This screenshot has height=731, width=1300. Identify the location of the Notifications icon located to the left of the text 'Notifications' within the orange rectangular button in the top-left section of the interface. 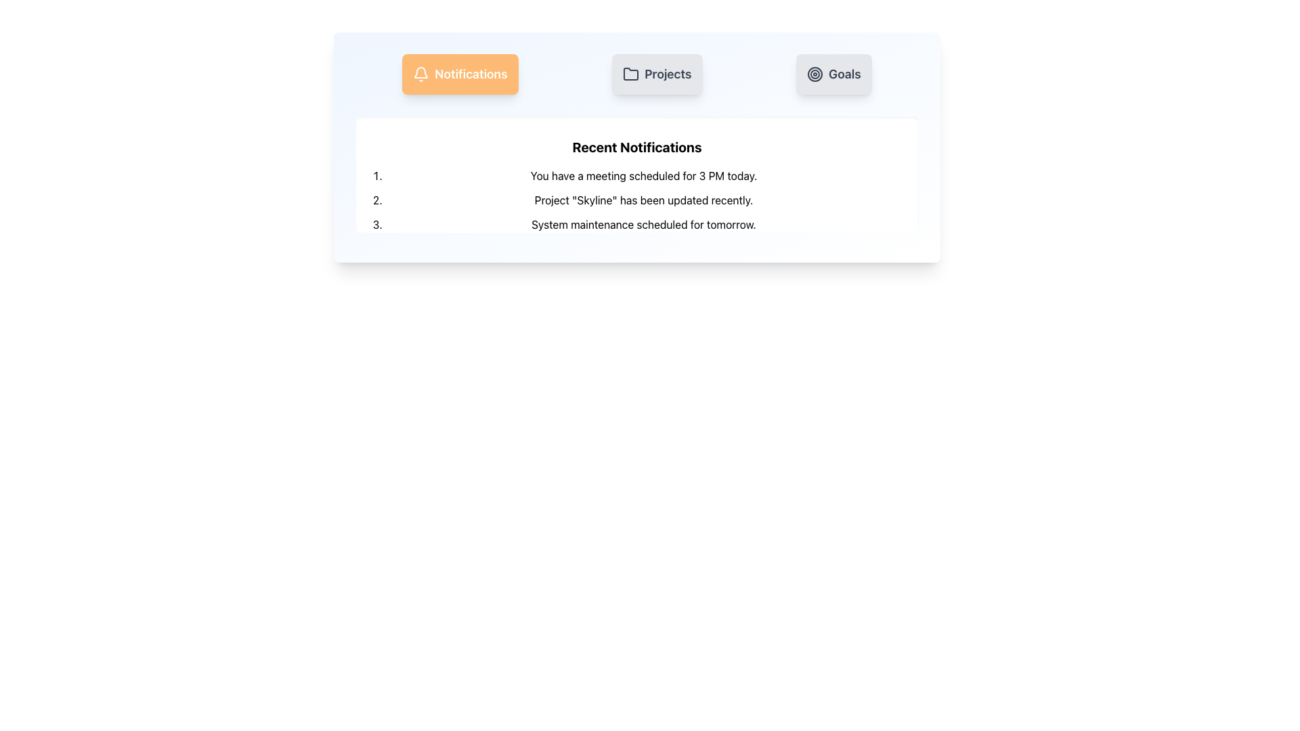
(420, 74).